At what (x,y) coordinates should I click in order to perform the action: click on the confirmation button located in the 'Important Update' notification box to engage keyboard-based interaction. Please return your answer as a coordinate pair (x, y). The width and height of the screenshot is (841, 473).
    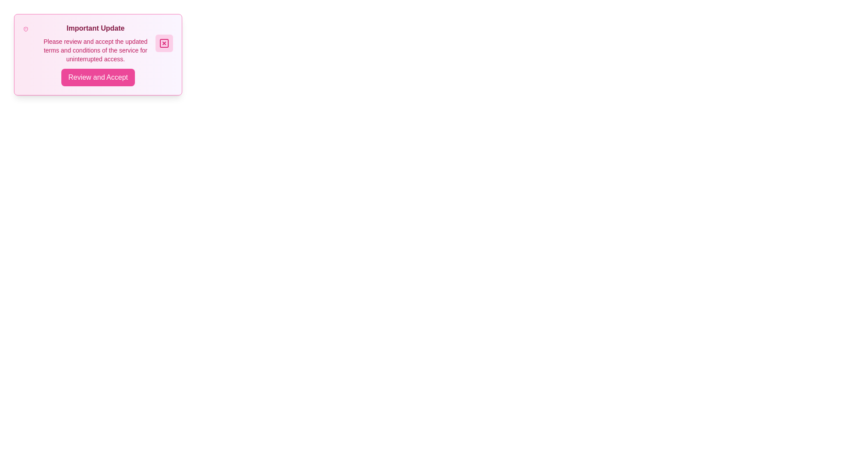
    Looking at the image, I should click on (98, 77).